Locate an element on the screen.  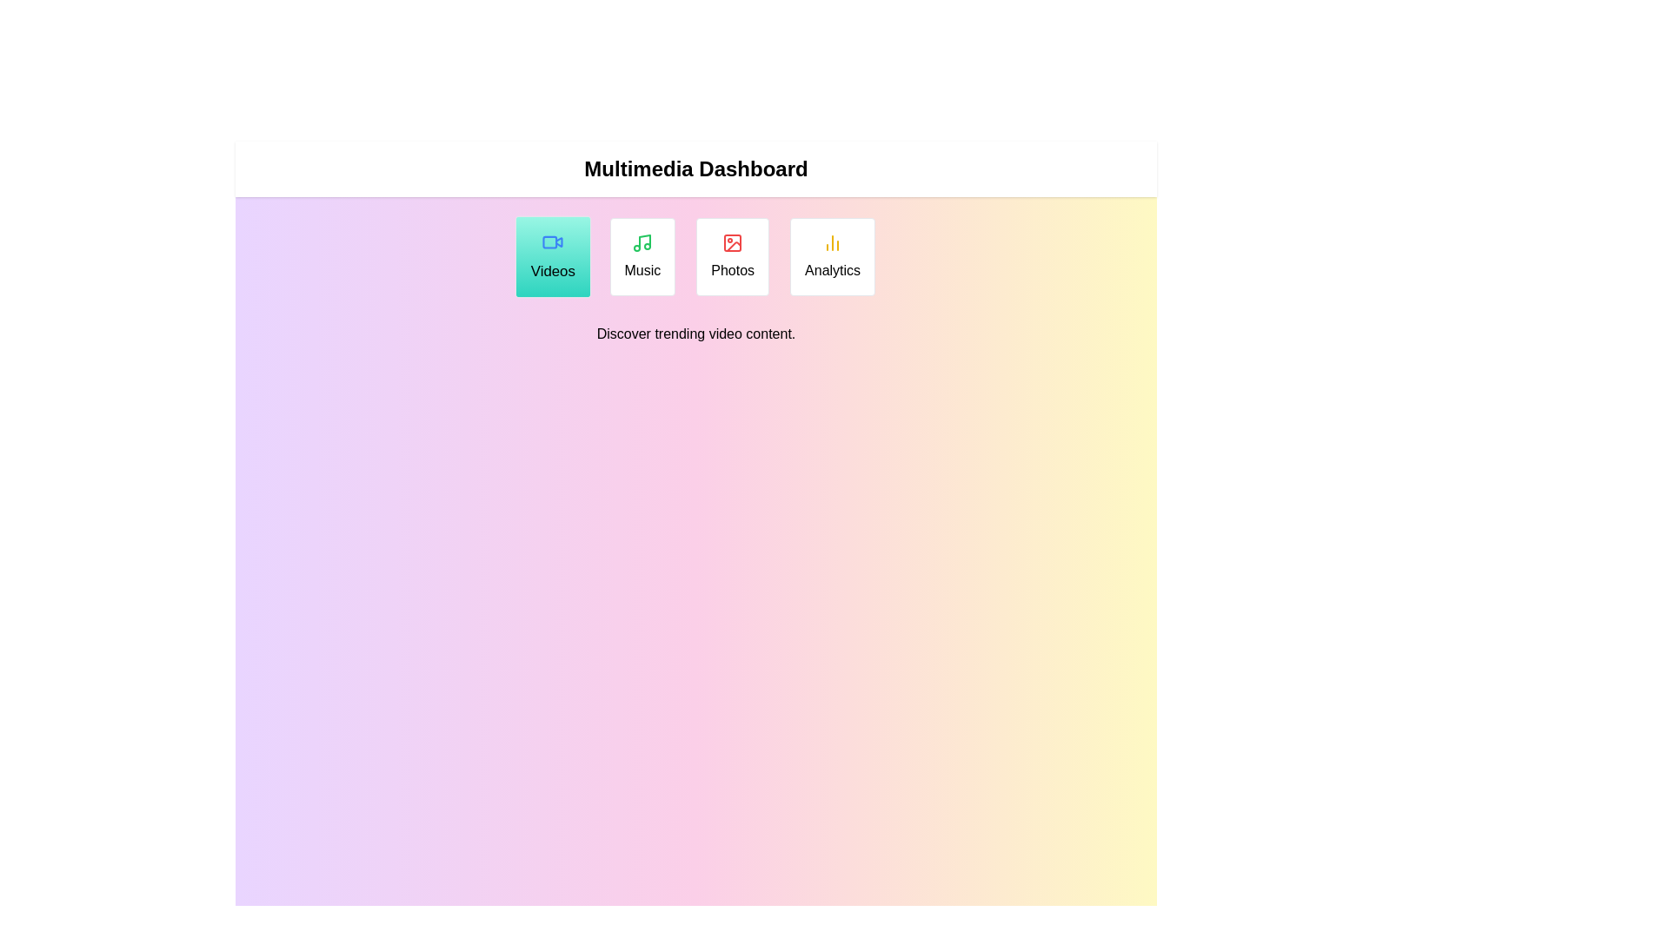
the Analytics tab is located at coordinates (832, 257).